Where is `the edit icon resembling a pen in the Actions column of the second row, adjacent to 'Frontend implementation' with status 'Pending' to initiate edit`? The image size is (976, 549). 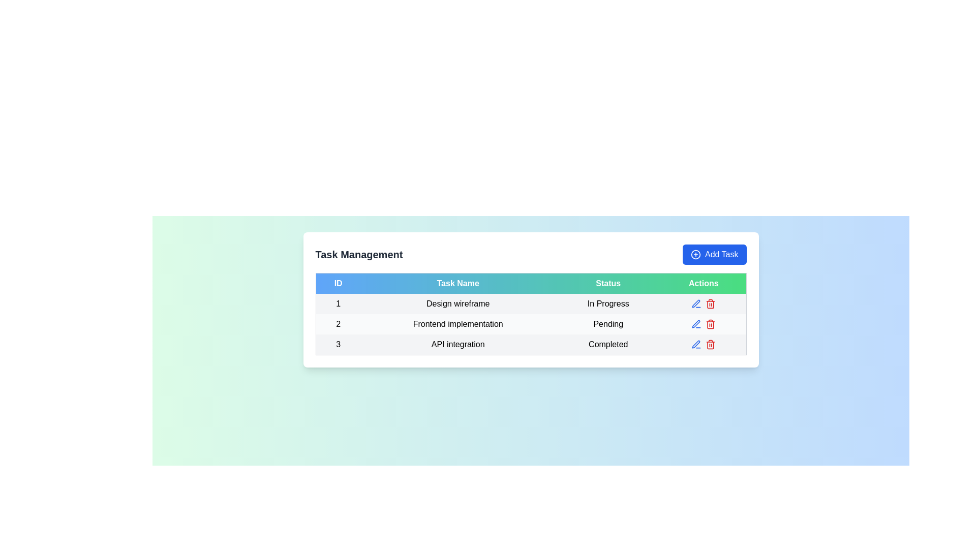 the edit icon resembling a pen in the Actions column of the second row, adjacent to 'Frontend implementation' with status 'Pending' to initiate edit is located at coordinates (695, 324).